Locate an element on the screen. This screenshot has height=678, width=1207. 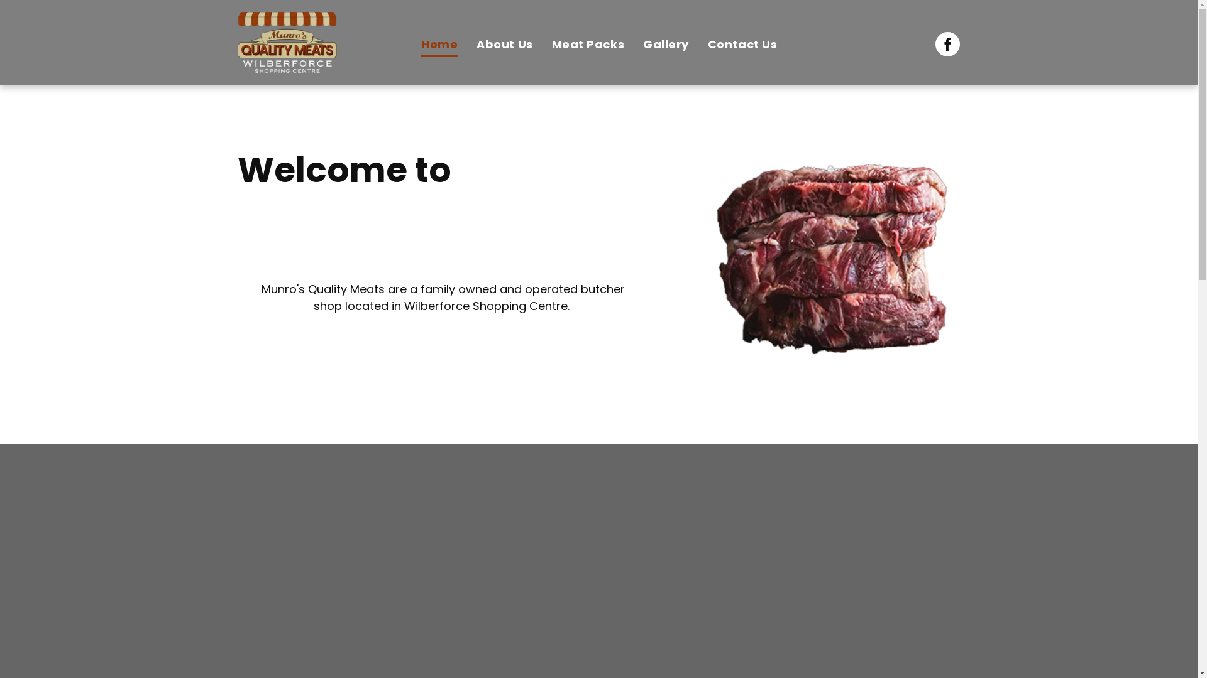
'Home' is located at coordinates (411, 44).